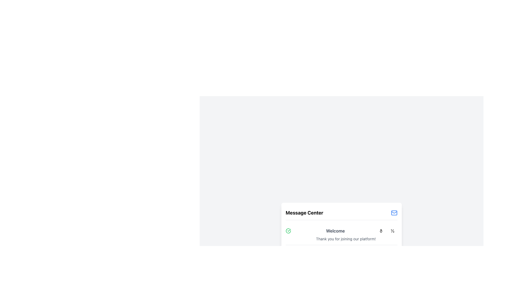 This screenshot has width=516, height=290. I want to click on the envelope icon located on the right side of the 'Message Center' header, which features bold text and a distinct blue envelope icon, so click(341, 214).